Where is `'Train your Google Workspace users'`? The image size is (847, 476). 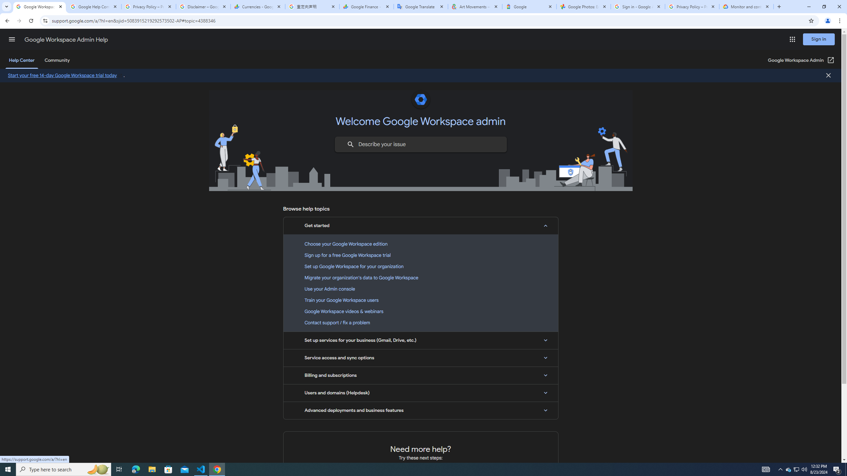
'Train your Google Workspace users' is located at coordinates (421, 300).